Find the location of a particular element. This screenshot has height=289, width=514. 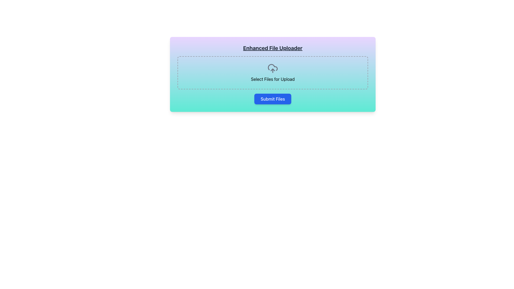

the Static text header that provides context for uploading files, which is positioned above the dashed border box and the 'Submit Files' button is located at coordinates (273, 48).